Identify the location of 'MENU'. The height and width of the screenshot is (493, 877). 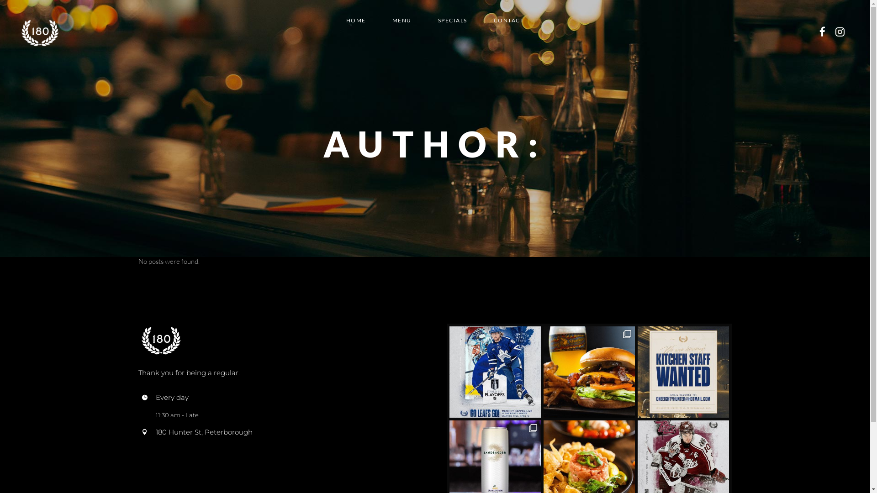
(402, 20).